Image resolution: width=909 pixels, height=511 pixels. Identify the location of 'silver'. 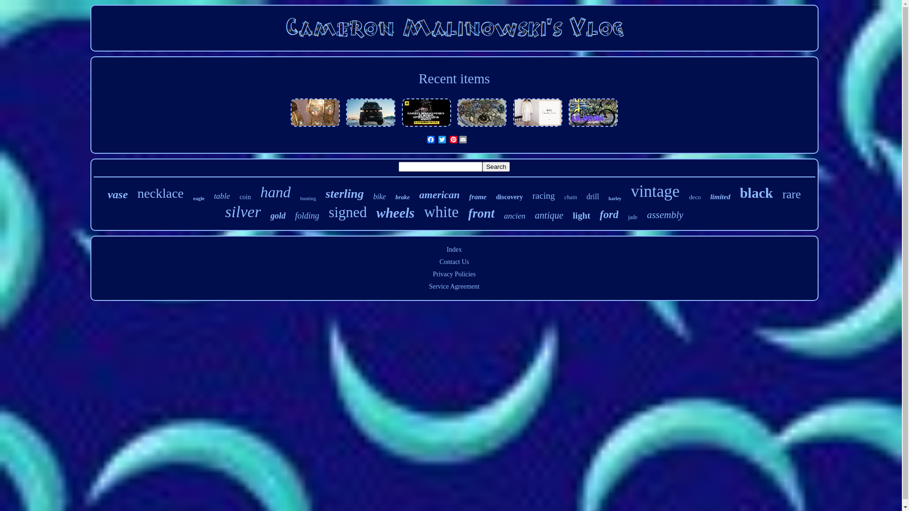
(243, 211).